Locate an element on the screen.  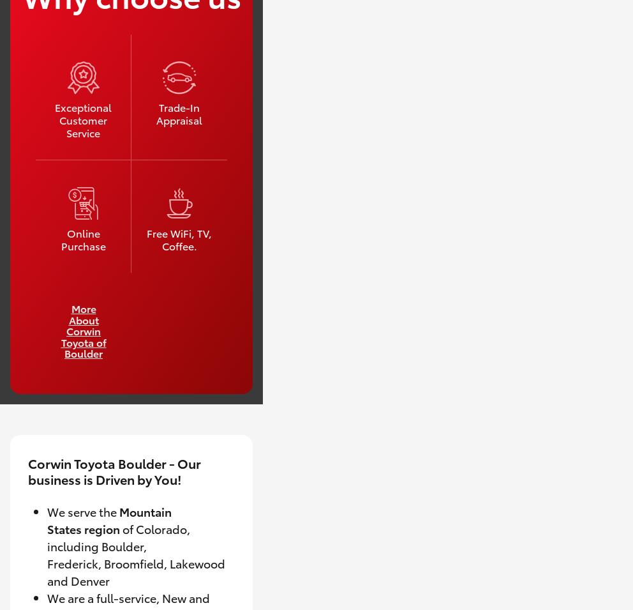
'We serve the' is located at coordinates (82, 511).